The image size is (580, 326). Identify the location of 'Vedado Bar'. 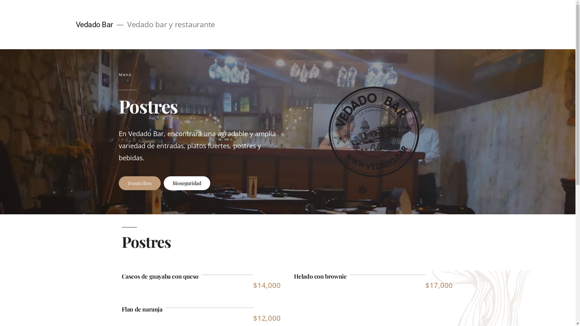
(94, 24).